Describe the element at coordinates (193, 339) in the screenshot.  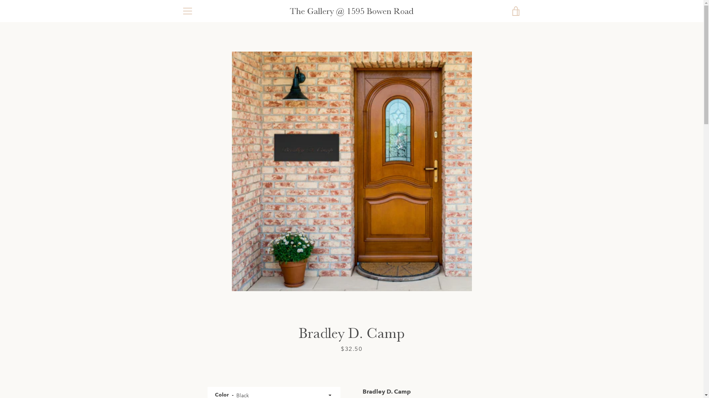
I see `'CONTACT'` at that location.